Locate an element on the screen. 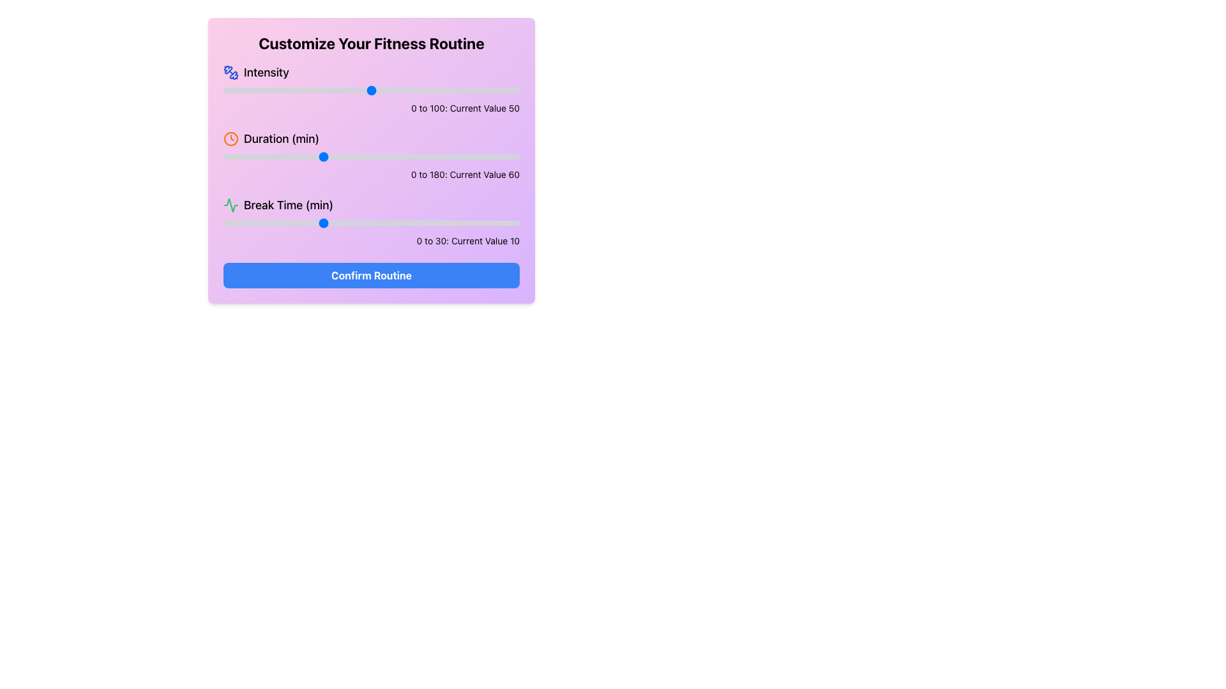  duration is located at coordinates (484, 156).